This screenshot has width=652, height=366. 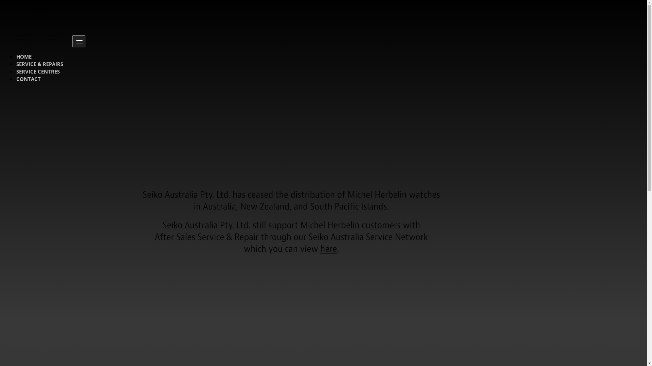 What do you see at coordinates (39, 64) in the screenshot?
I see `'SERVICE & REPAIRS'` at bounding box center [39, 64].